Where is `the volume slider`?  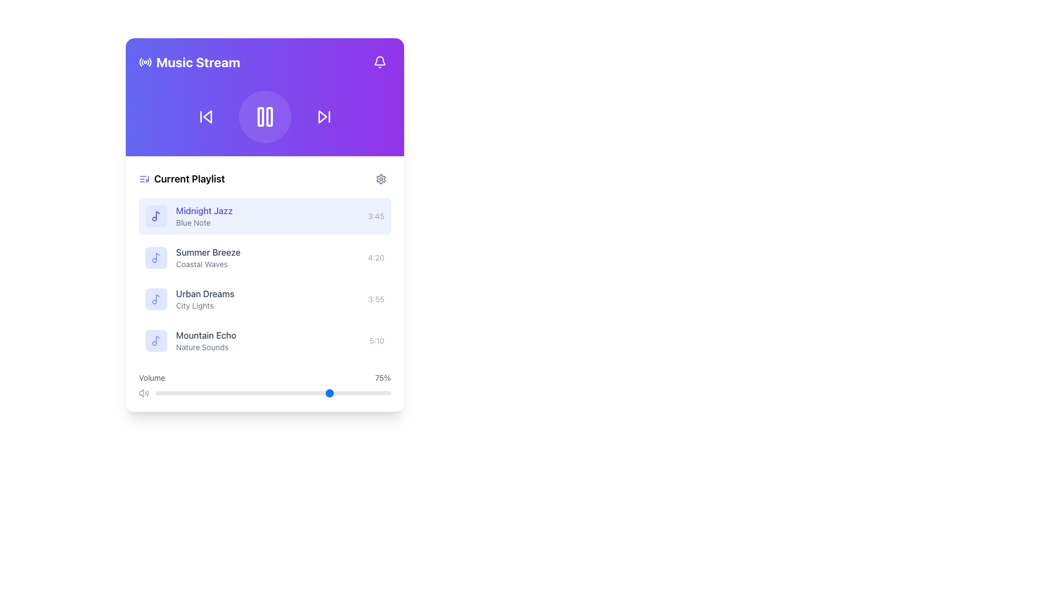
the volume slider is located at coordinates (256, 393).